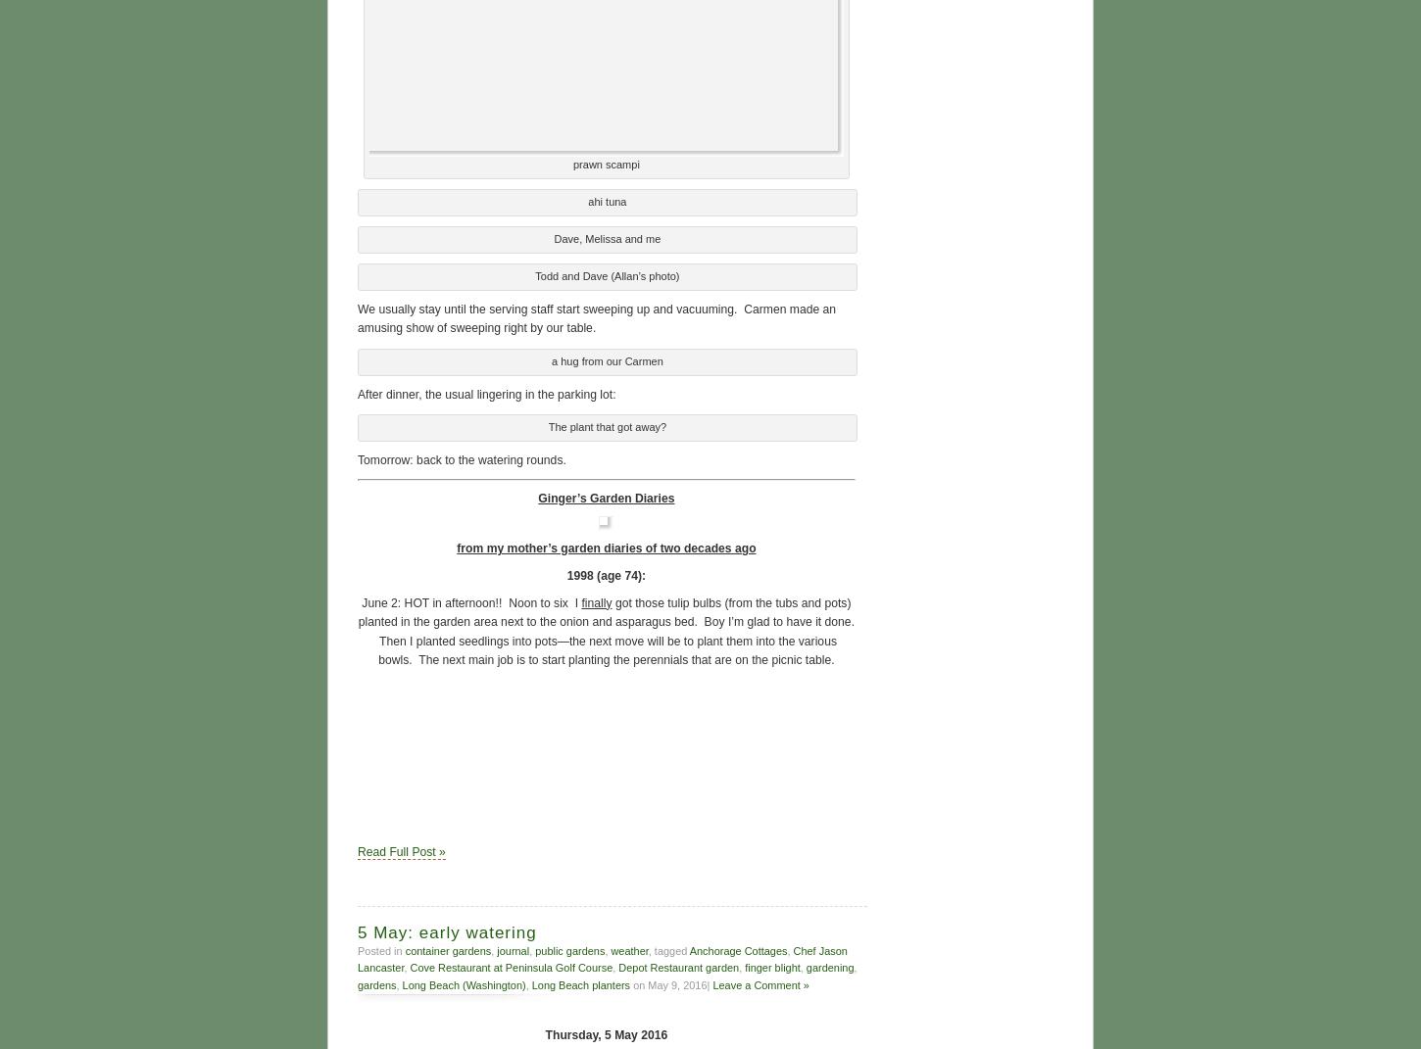 The height and width of the screenshot is (1049, 1421). I want to click on 'got those tulip bulbs (from the tubs and pots) planted in the garden area next to the onion and asparagus bed.  Boy I’m glad to have it done.  Then I planted seedlings into pots—the next move will be to plant them into the various bowls.  The next main job is to start planting the perennials that are on the picnic table.', so click(605, 628).